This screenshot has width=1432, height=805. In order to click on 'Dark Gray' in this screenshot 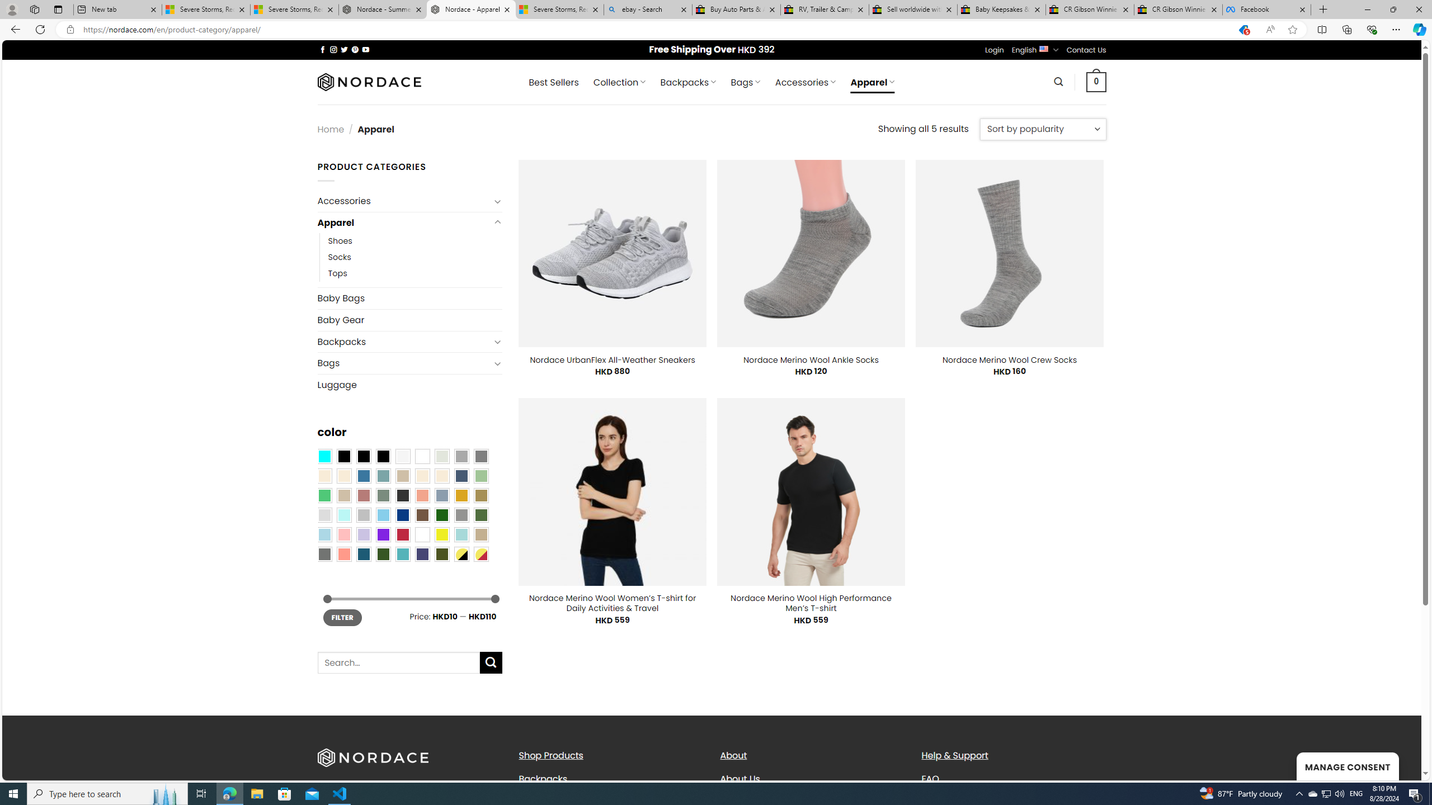, I will do `click(460, 456)`.